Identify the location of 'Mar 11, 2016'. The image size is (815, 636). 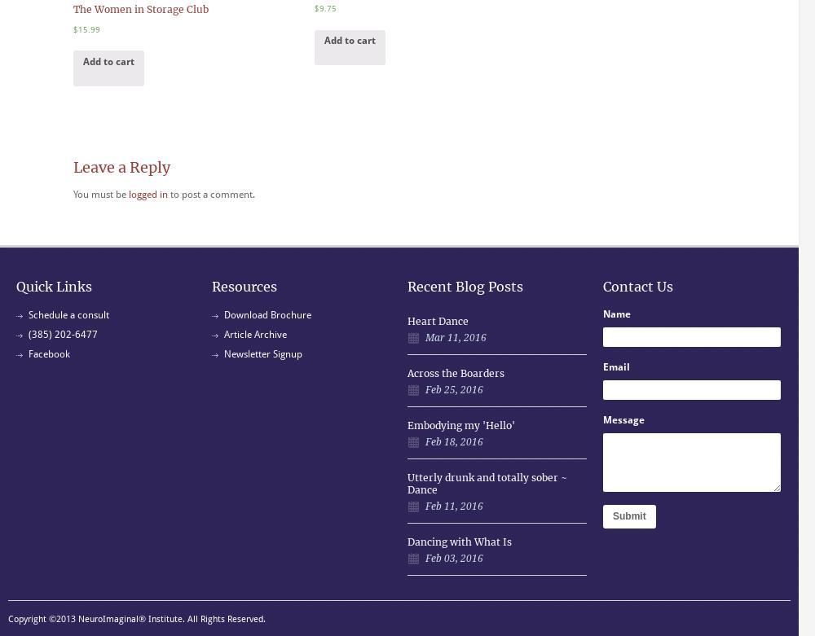
(456, 336).